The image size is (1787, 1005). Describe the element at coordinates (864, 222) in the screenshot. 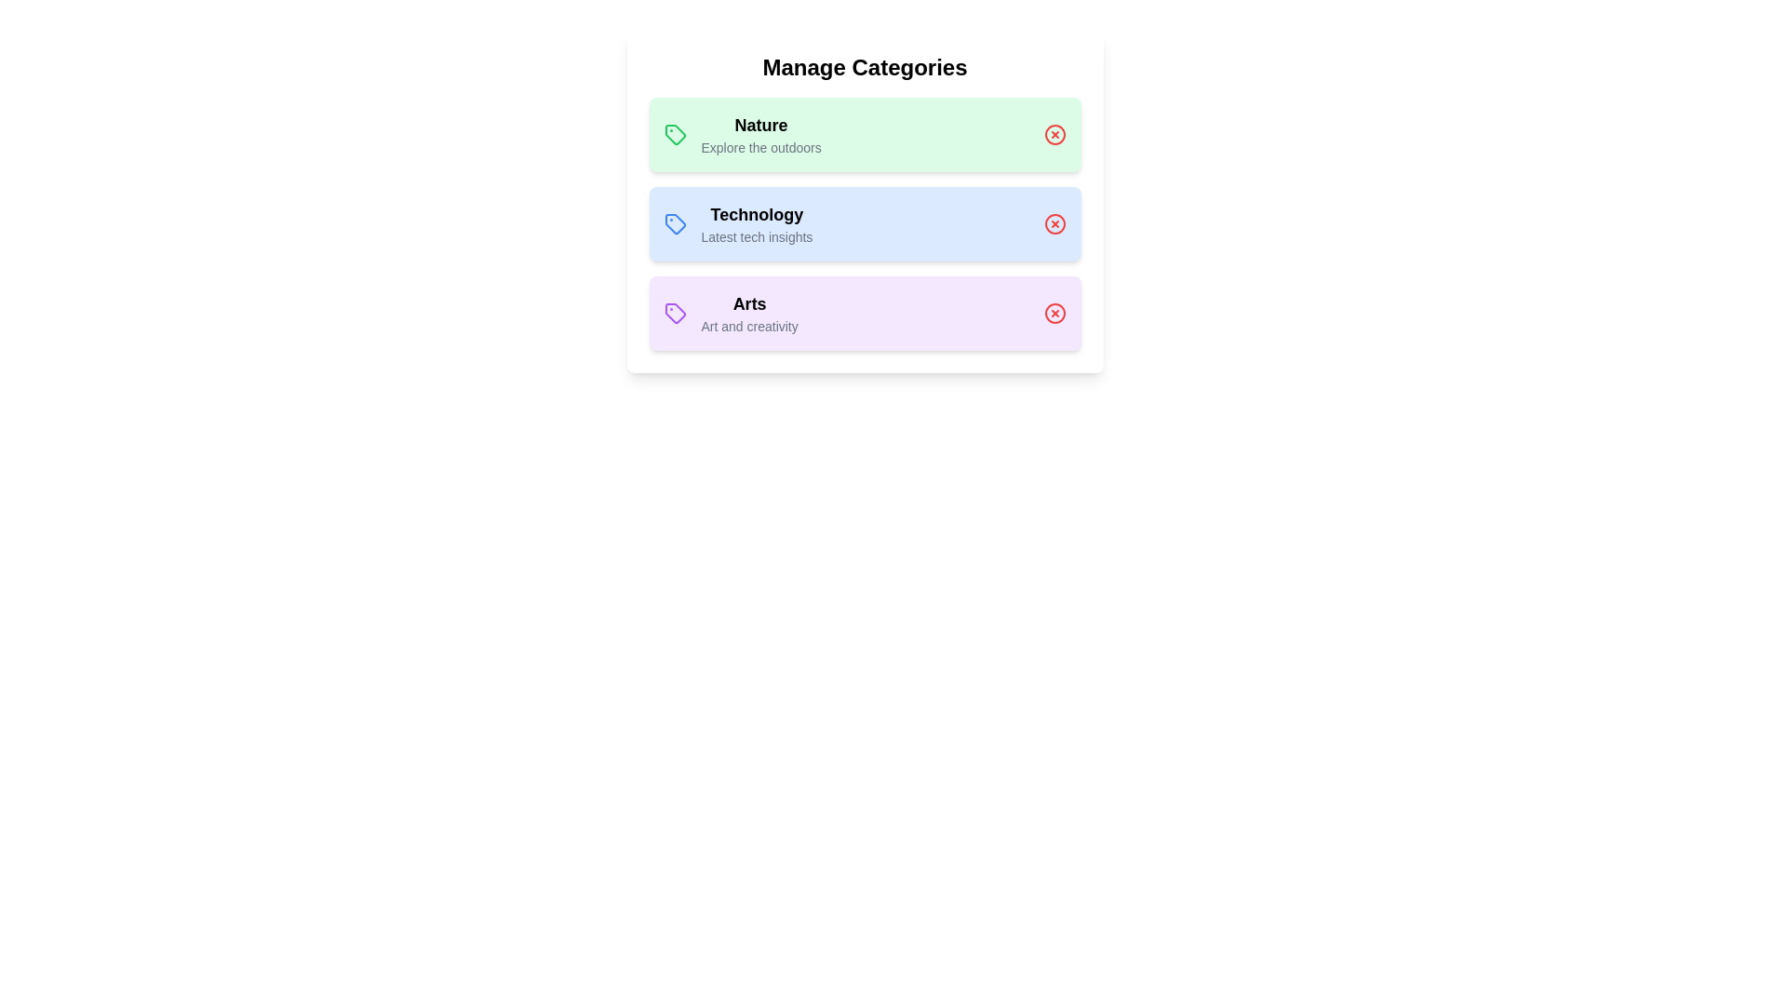

I see `the category Technology to open additional options` at that location.